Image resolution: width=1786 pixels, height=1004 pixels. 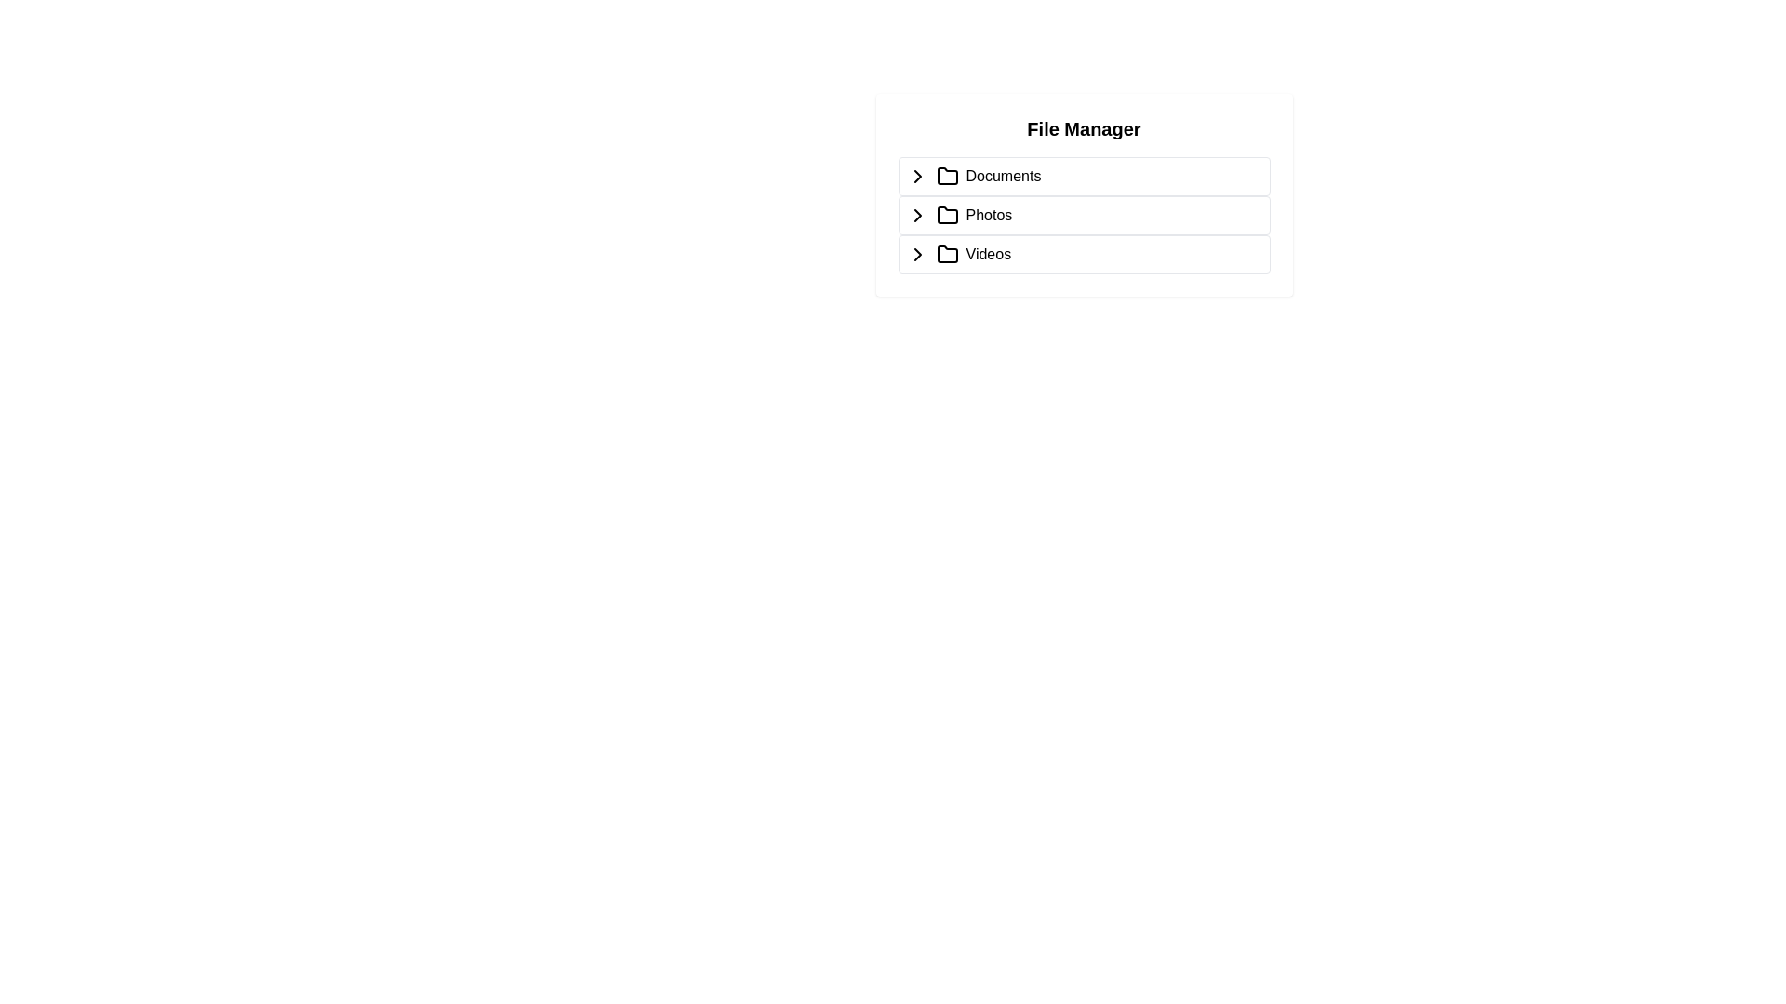 What do you see at coordinates (1084, 214) in the screenshot?
I see `the second item in the navigational list titled 'Photos' within the 'File Manager'` at bounding box center [1084, 214].